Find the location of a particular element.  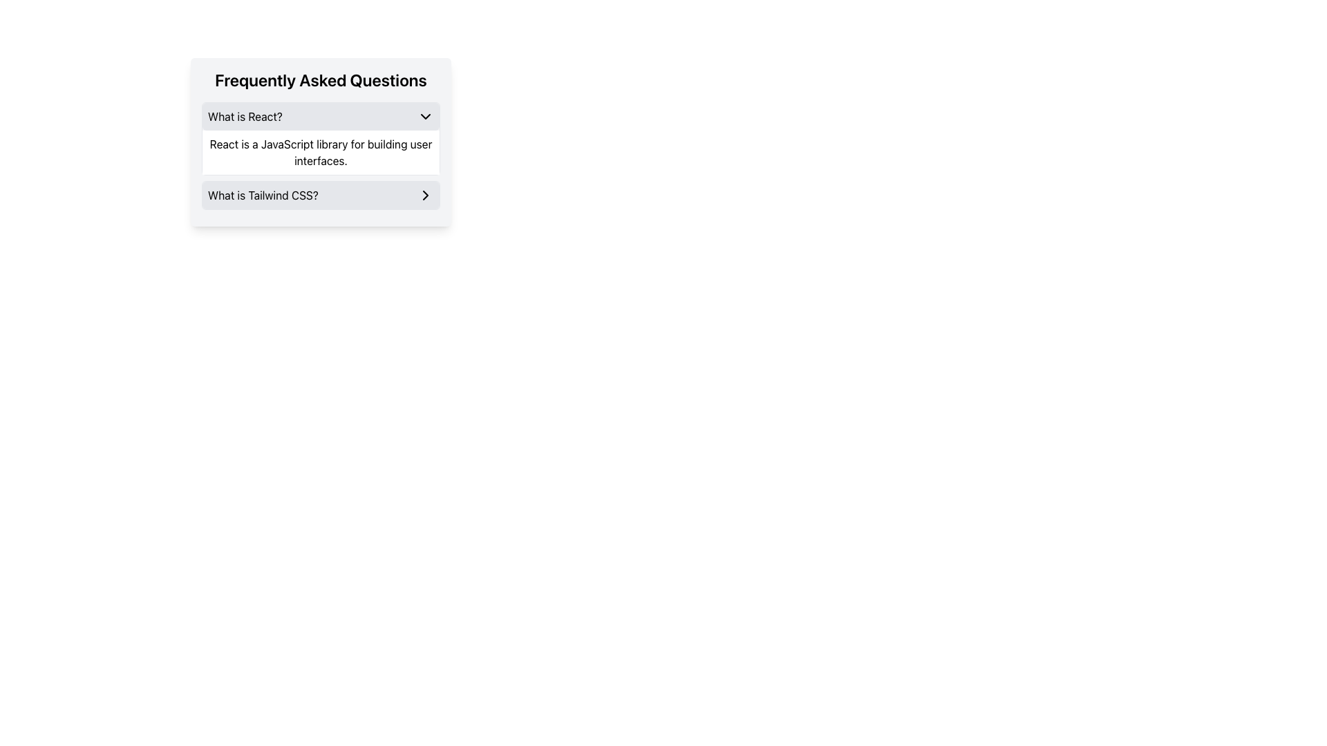

the collapsible list item link labeled 'What is Tailwind CSS?' is located at coordinates (320, 195).